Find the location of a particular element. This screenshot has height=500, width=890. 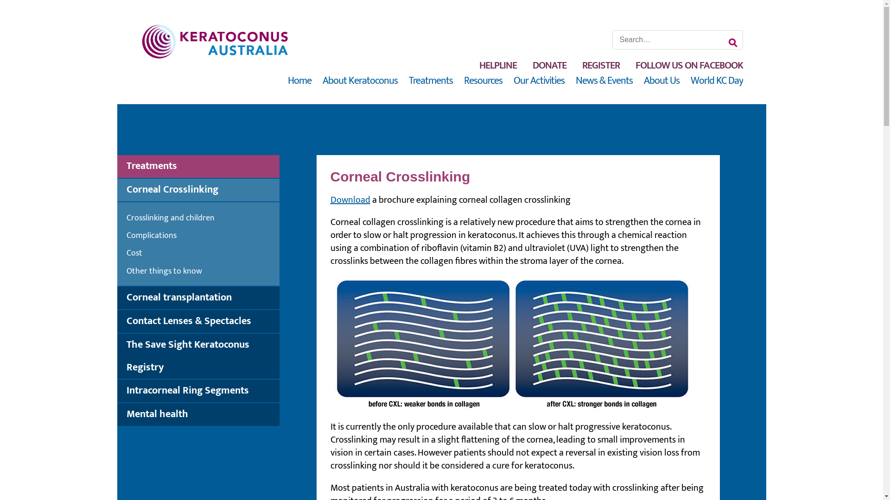

'Treatments' is located at coordinates (430, 80).